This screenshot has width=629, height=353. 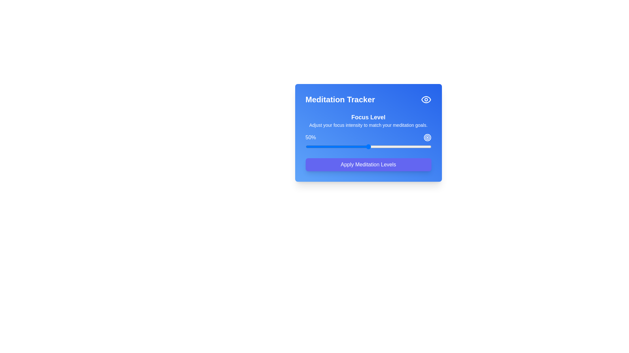 I want to click on the focus level, so click(x=322, y=146).